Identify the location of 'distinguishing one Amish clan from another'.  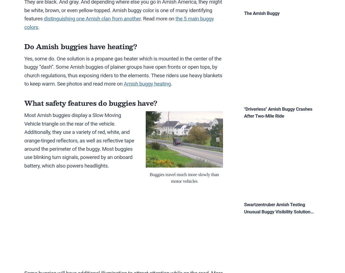
(92, 18).